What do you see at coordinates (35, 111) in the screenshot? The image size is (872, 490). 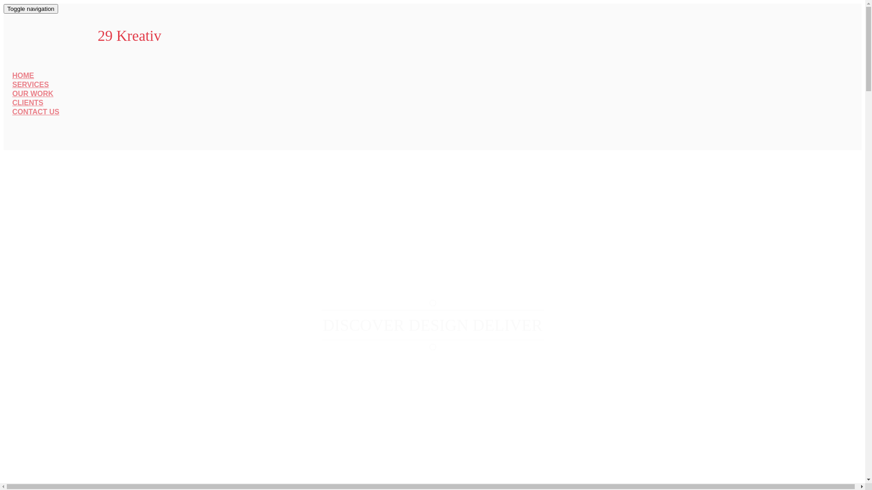 I see `'CONTACT US'` at bounding box center [35, 111].